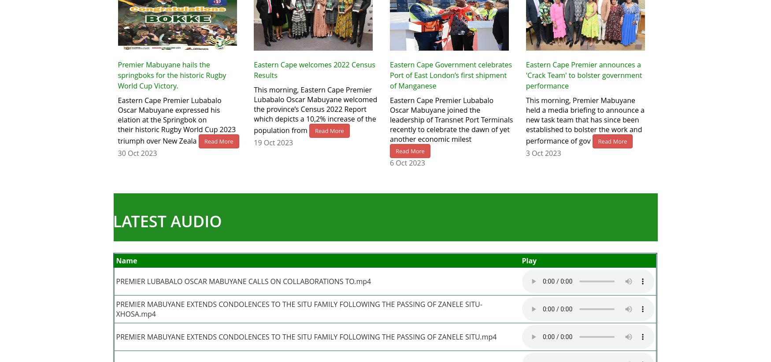 Image resolution: width=771 pixels, height=362 pixels. Describe the element at coordinates (115, 309) in the screenshot. I see `'PREMIER MABUYANE EXTENDS CONDOLENCES TO THE SITU FAMILY FOLLOWING THE PASSING OF ZANELE SITU- XHOSA.mp4'` at that location.